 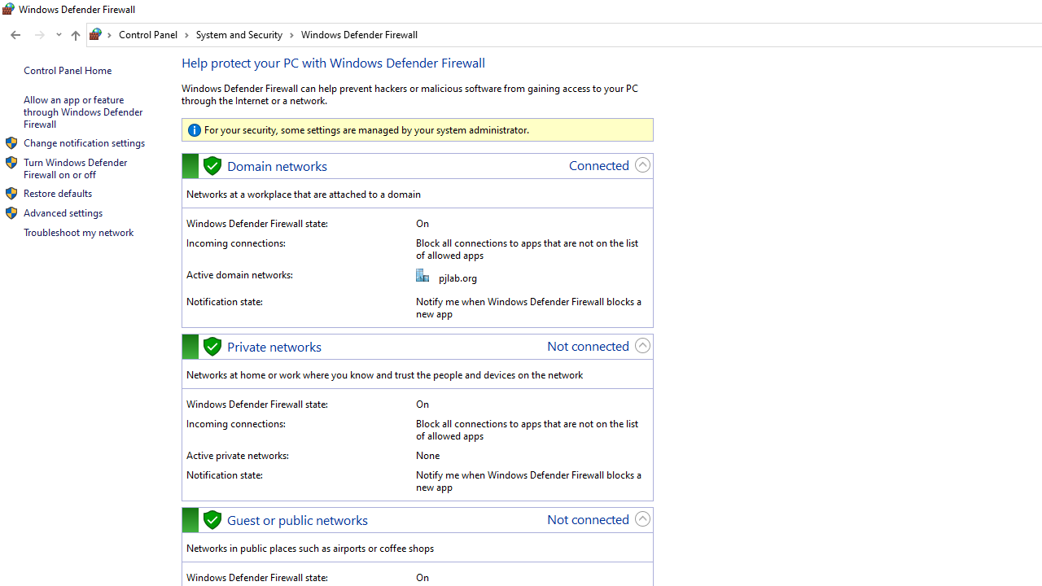 What do you see at coordinates (244, 34) in the screenshot?
I see `'System and Security'` at bounding box center [244, 34].